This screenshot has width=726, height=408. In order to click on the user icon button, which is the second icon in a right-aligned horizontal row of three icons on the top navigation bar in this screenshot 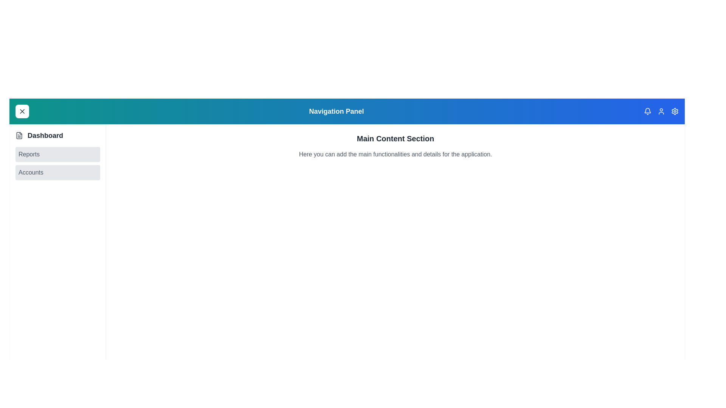, I will do `click(661, 111)`.